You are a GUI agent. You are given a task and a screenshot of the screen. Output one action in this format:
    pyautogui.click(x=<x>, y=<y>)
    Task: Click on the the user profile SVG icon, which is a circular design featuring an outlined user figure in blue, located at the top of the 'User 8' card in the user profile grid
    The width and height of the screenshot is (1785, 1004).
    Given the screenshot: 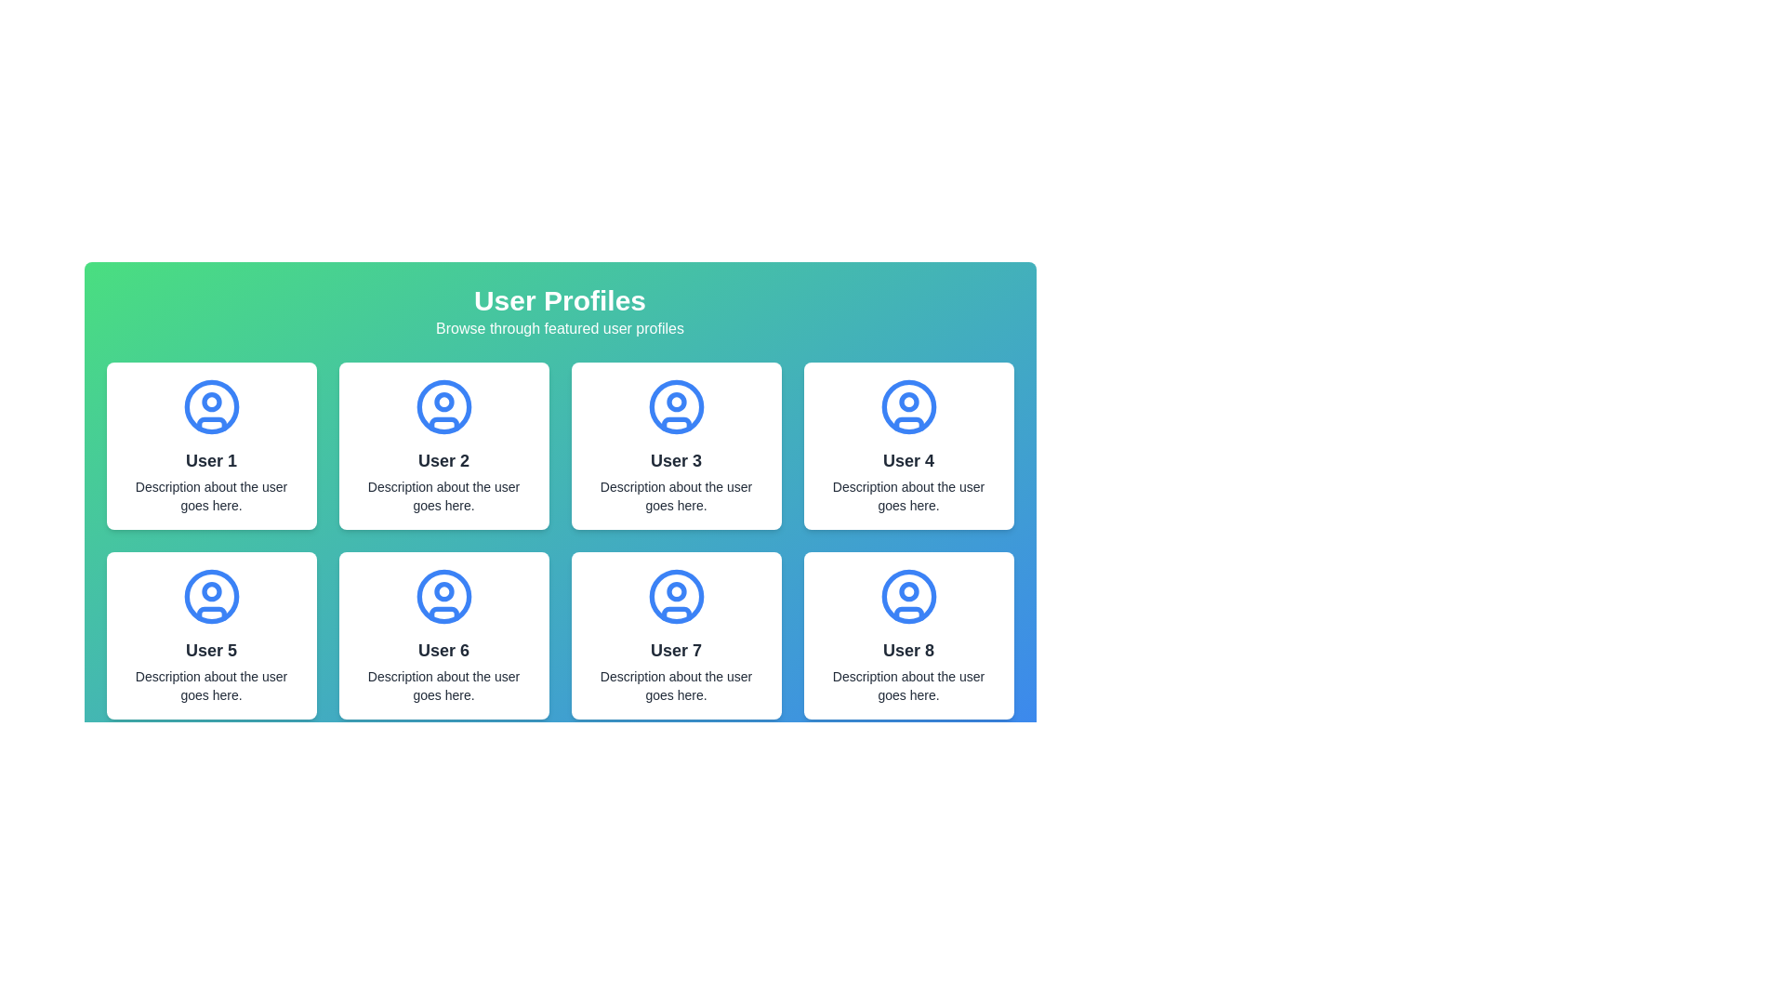 What is the action you would take?
    pyautogui.click(x=908, y=596)
    